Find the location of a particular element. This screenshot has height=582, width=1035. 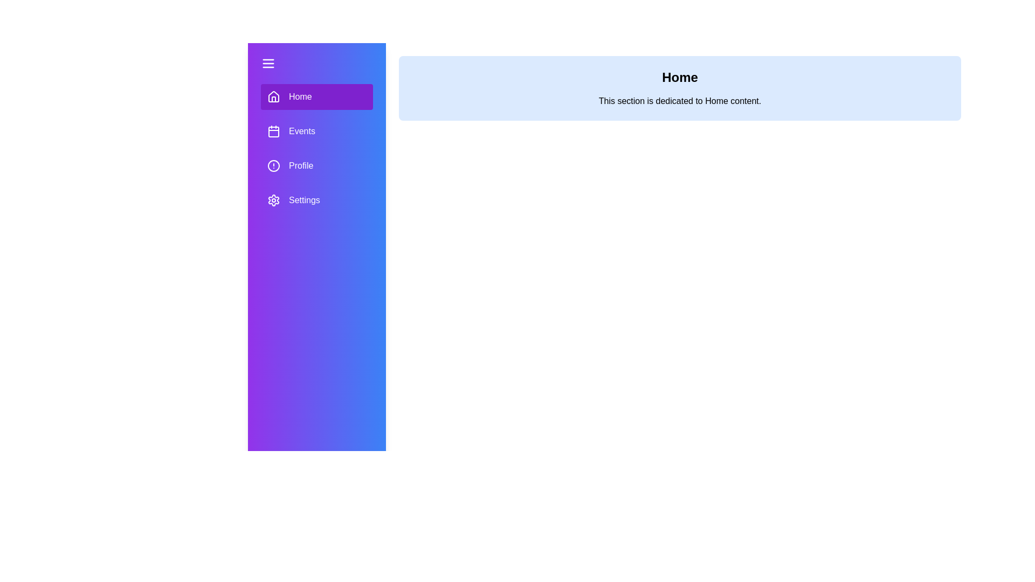

the rounded rectangle with a gradient purple background that serves as the icon background for the calendar in the left vertical toolbar, located adjacent to the 'Events' menu option is located at coordinates (274, 131).